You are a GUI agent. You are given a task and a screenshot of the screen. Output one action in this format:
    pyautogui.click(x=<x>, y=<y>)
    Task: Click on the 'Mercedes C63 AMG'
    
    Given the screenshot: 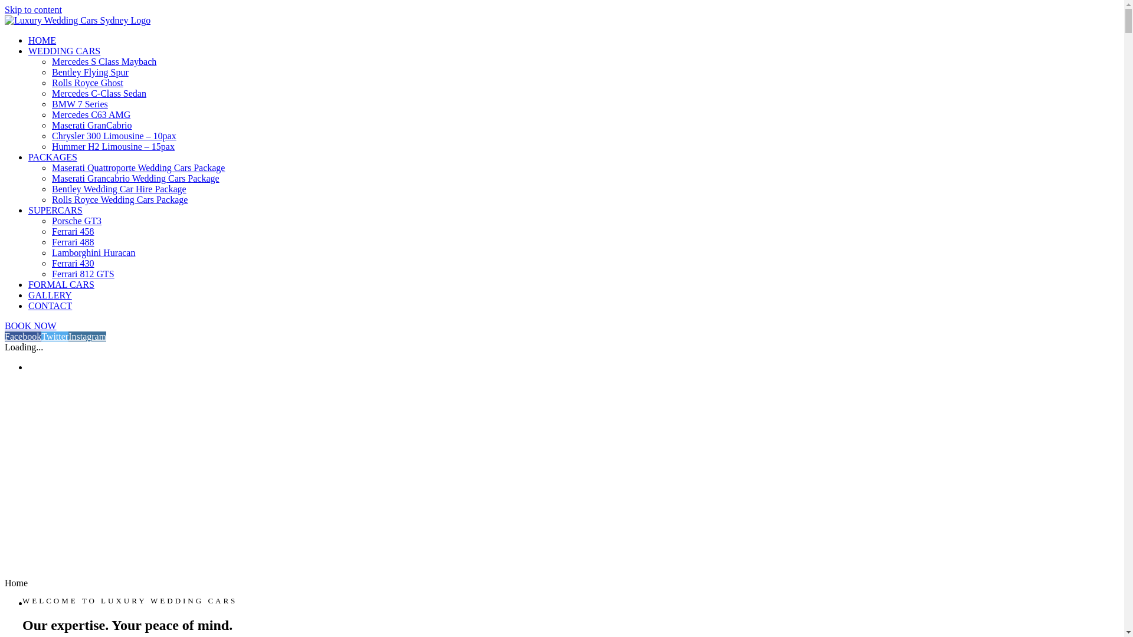 What is the action you would take?
    pyautogui.click(x=90, y=114)
    